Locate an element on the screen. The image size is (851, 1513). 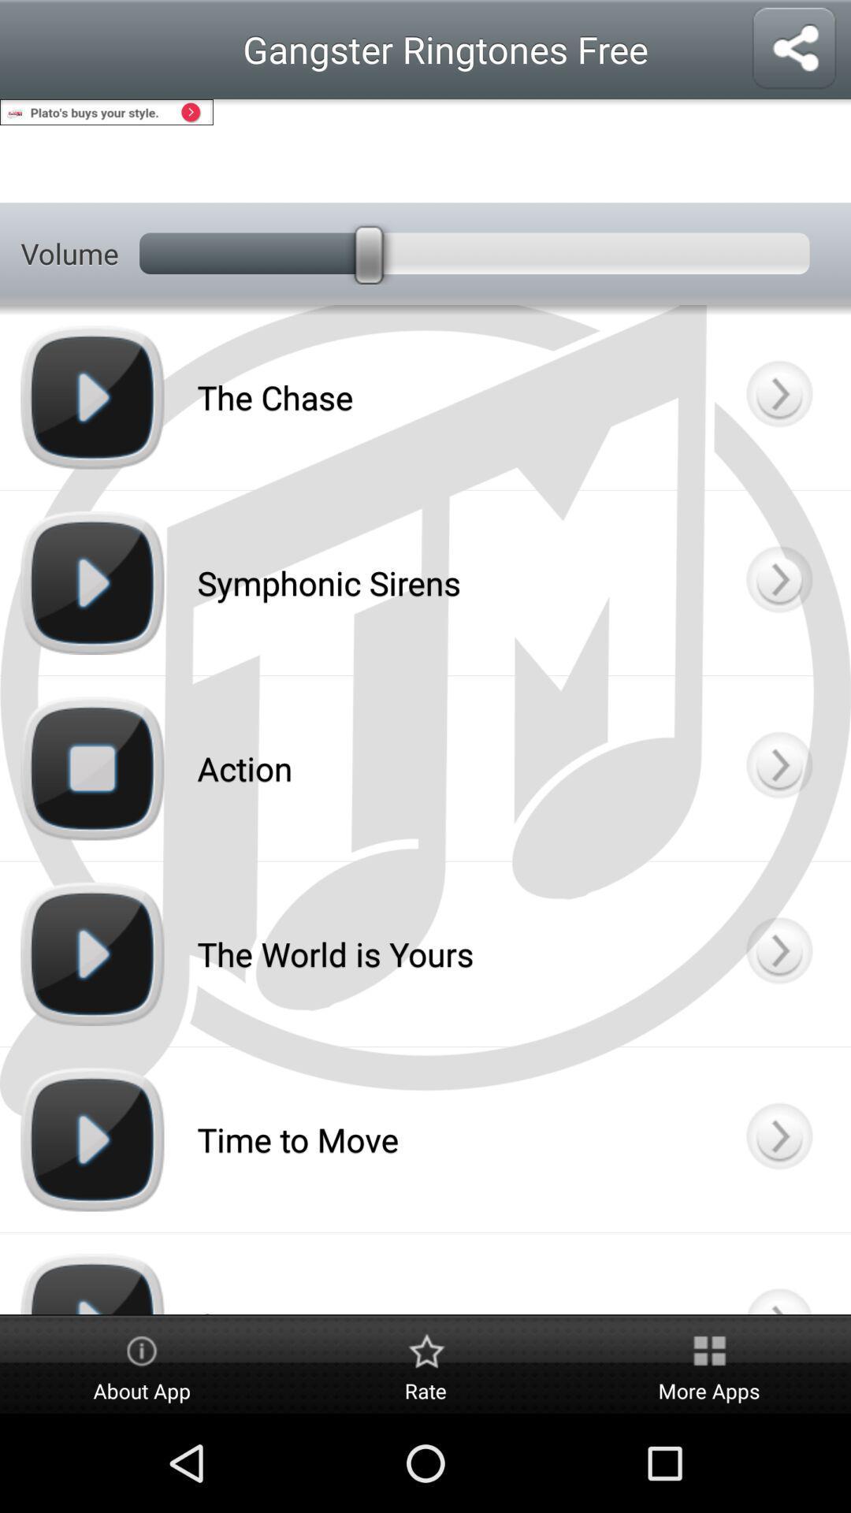
the button beside more apps is located at coordinates (425, 1365).